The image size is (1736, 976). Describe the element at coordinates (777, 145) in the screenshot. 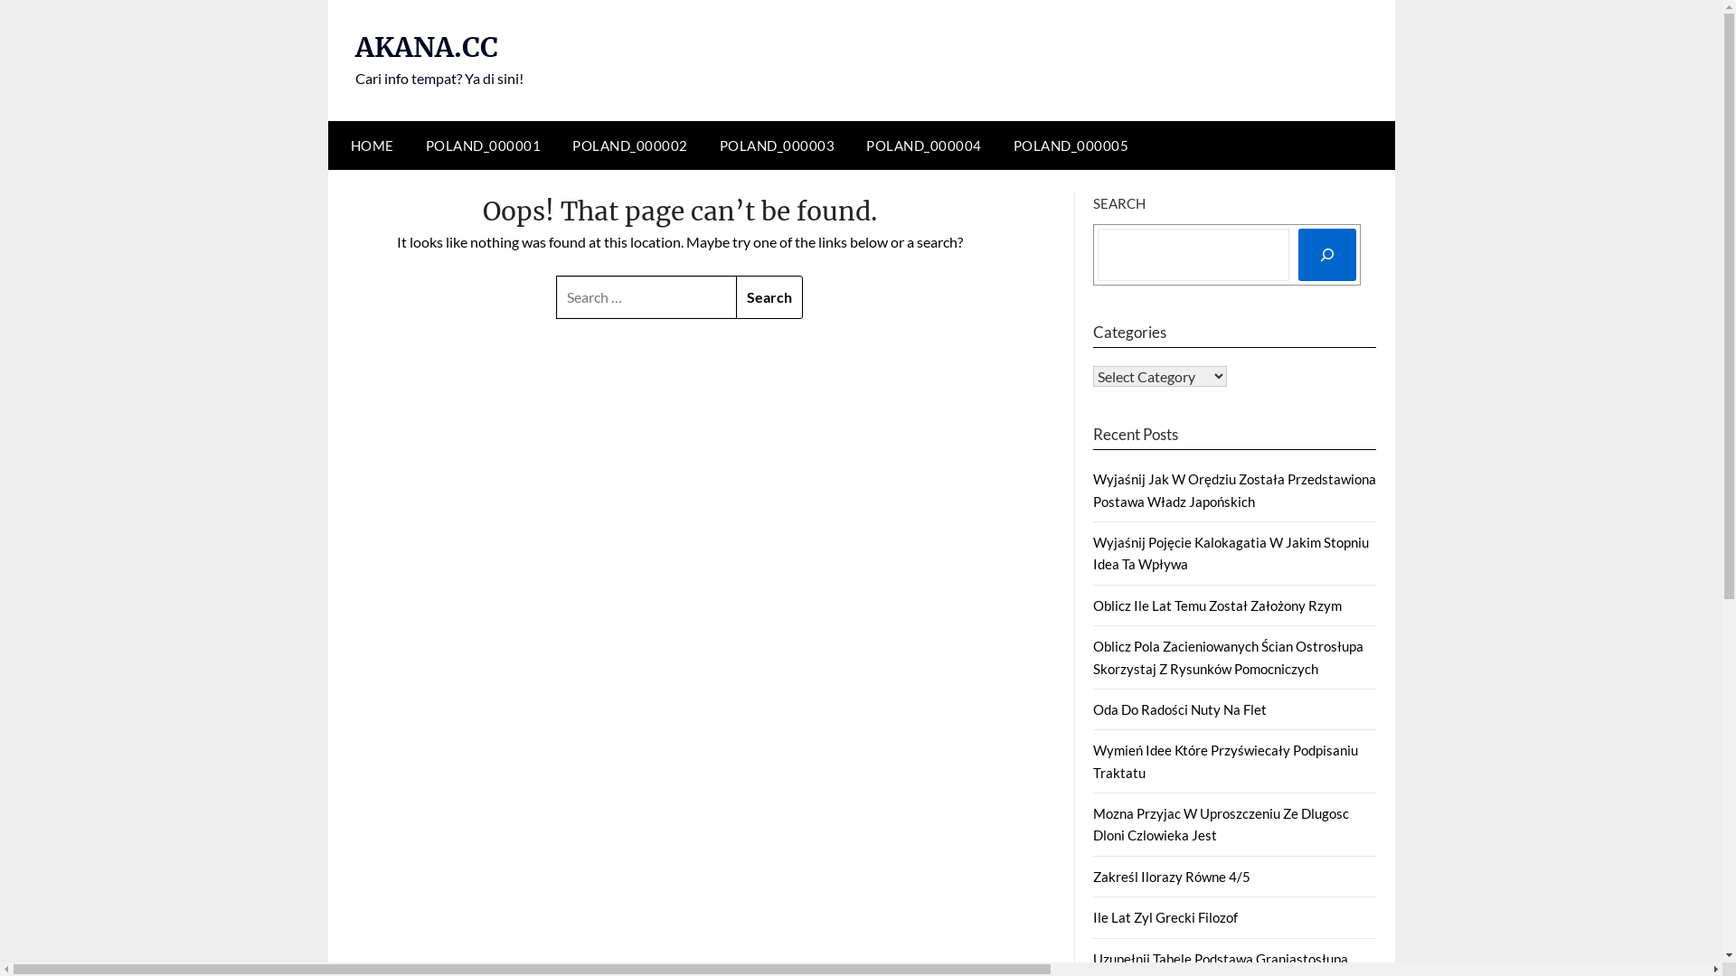

I see `'POLAND_000003'` at that location.